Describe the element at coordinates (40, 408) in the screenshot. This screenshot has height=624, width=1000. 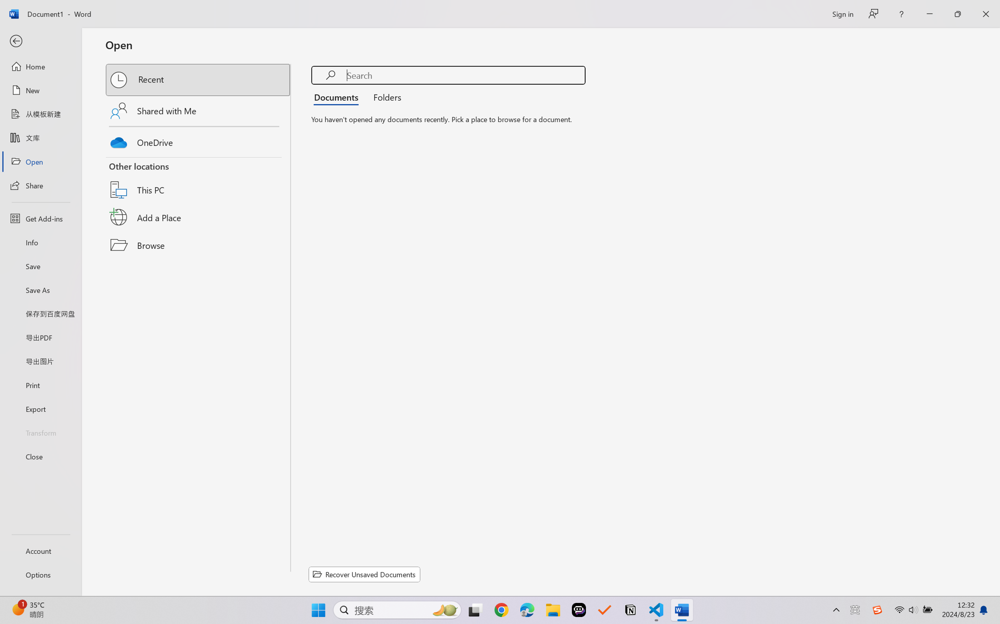
I see `'Export'` at that location.